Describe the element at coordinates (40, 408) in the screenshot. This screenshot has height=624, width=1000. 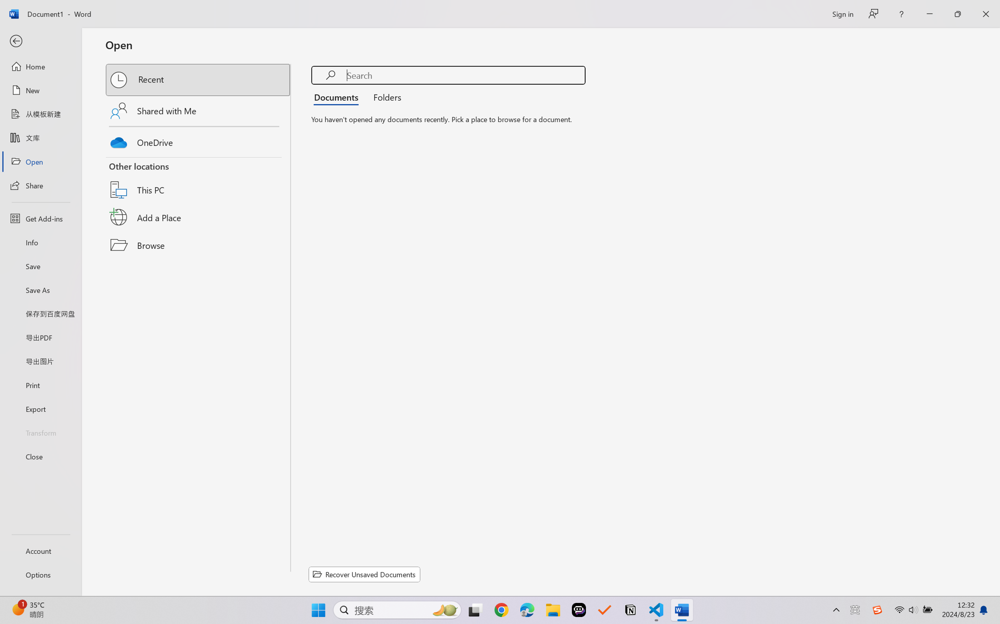
I see `'Export'` at that location.